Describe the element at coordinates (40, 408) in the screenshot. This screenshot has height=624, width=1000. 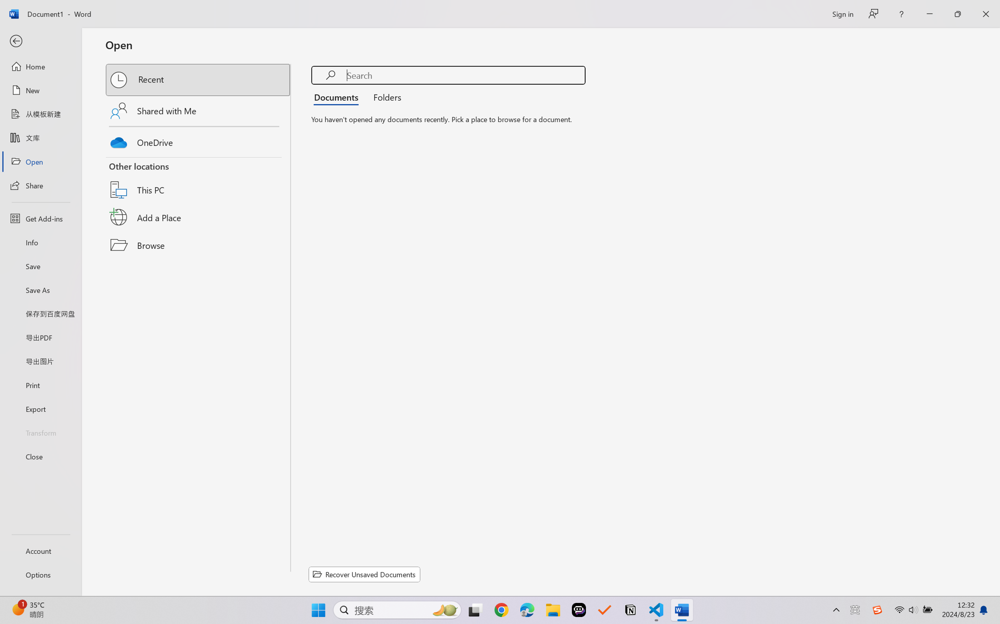
I see `'Export'` at that location.